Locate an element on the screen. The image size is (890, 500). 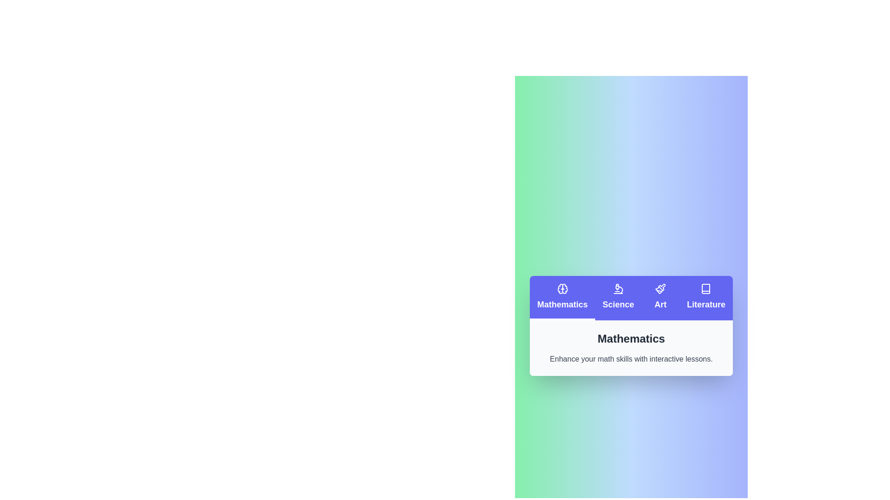
the Mathematics tab by clicking on it is located at coordinates (562, 298).